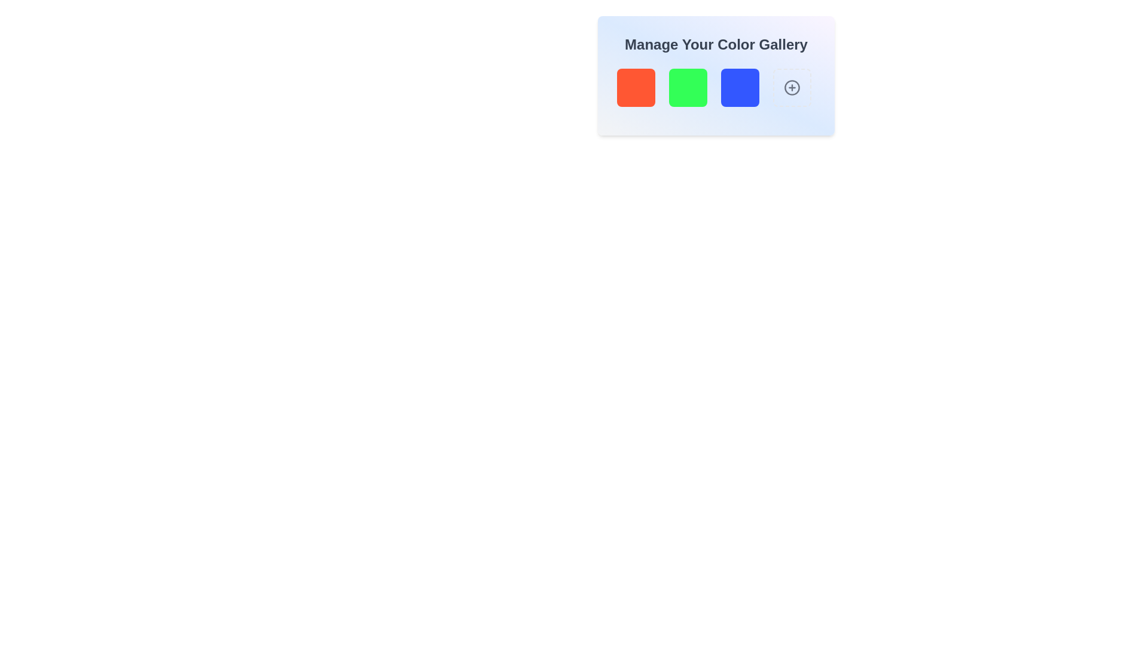 The height and width of the screenshot is (645, 1148). Describe the element at coordinates (792, 87) in the screenshot. I see `the interactive button with a dashed border and a plus icon` at that location.